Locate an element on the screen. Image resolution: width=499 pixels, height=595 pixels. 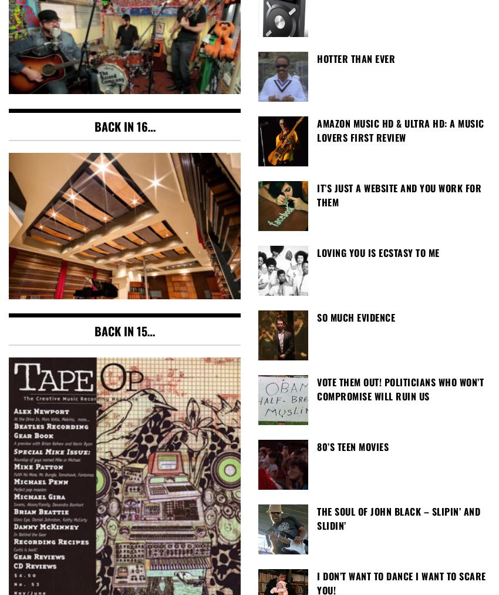
'80’s Teen Movies' is located at coordinates (352, 446).